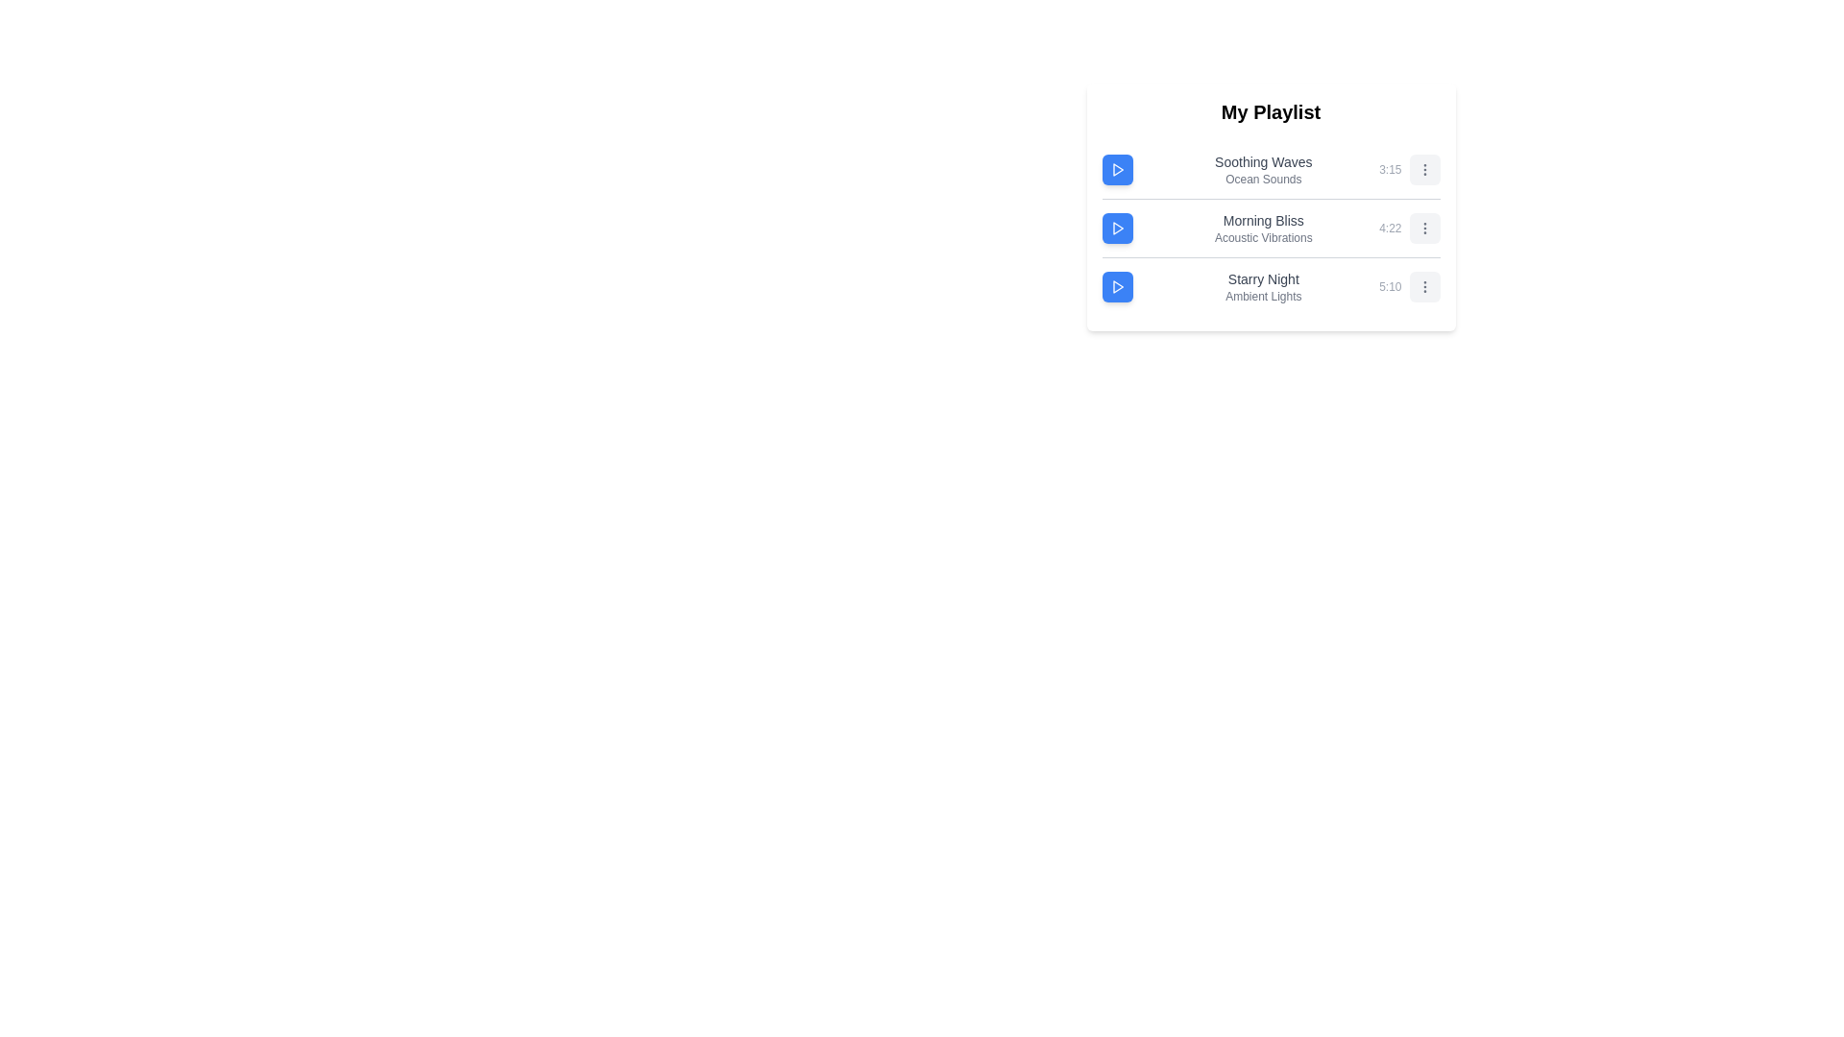  I want to click on the vertical ellipsis icon button located at the far right end of the 'Morning Bliss' playlist item, so click(1424, 228).